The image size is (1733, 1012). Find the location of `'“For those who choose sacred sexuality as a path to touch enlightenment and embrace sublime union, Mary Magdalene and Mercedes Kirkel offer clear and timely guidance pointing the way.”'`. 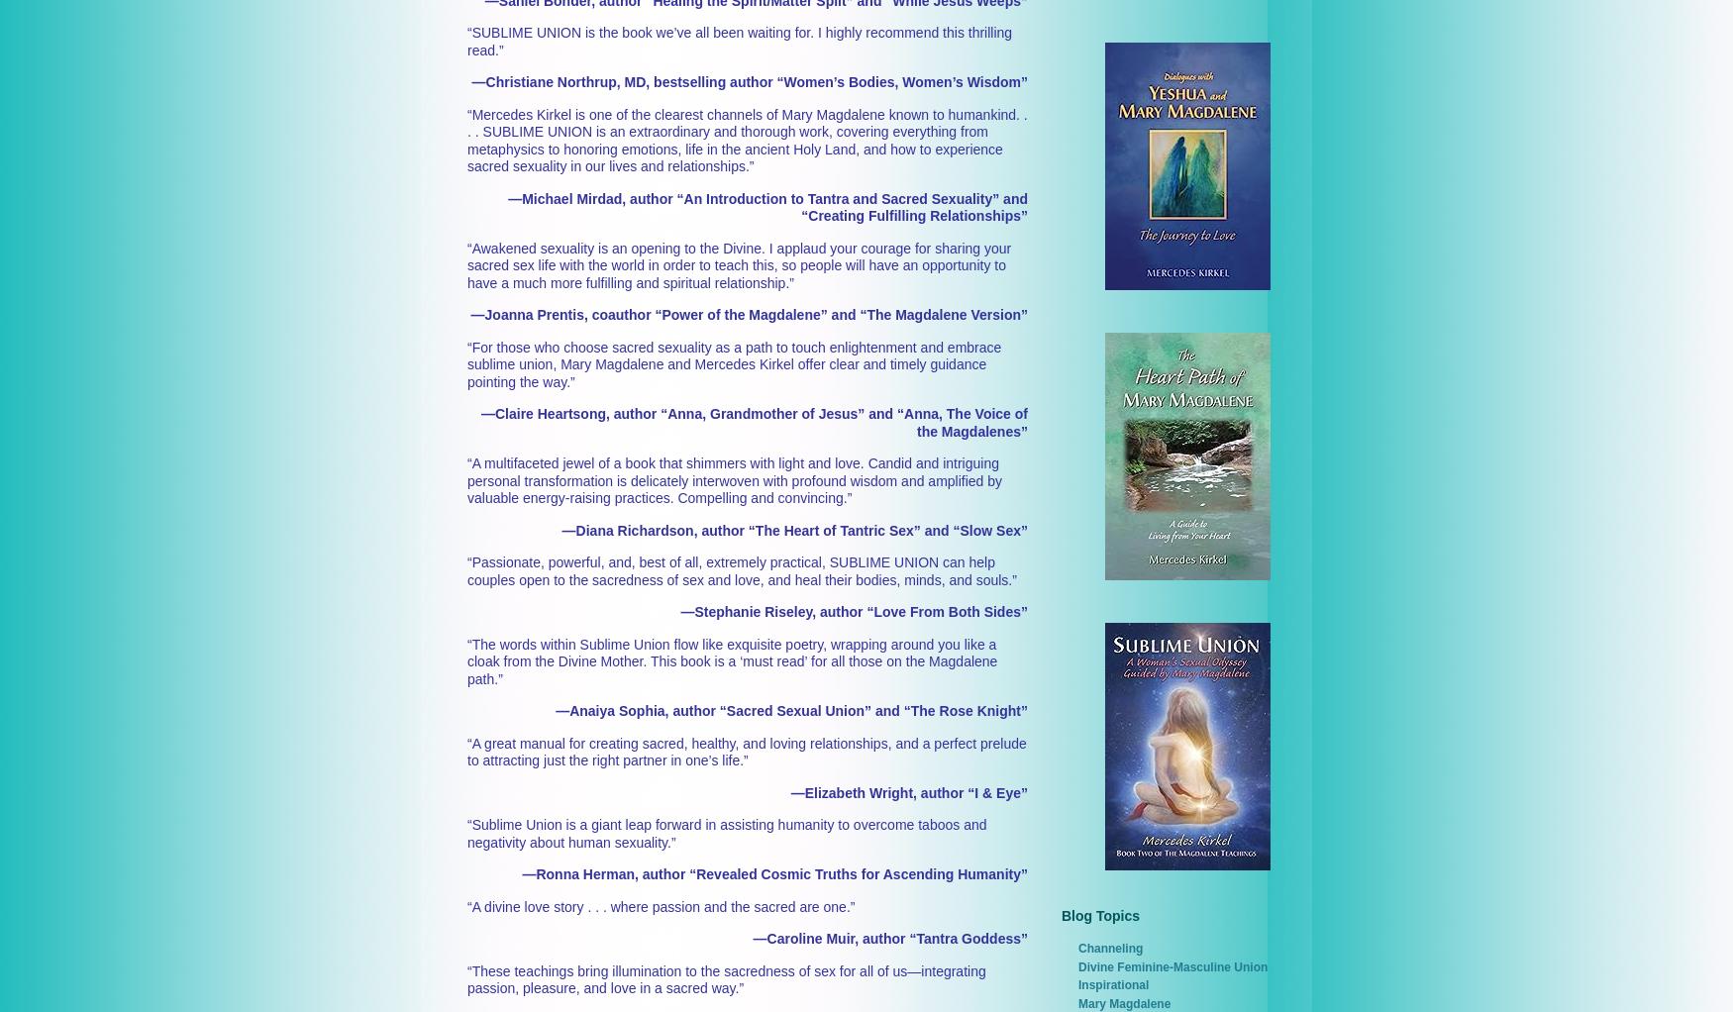

'“For those who choose sacred sexuality as a path to touch enlightenment and embrace sublime union, Mary Magdalene and Mercedes Kirkel offer clear and timely guidance pointing the way.”' is located at coordinates (734, 362).